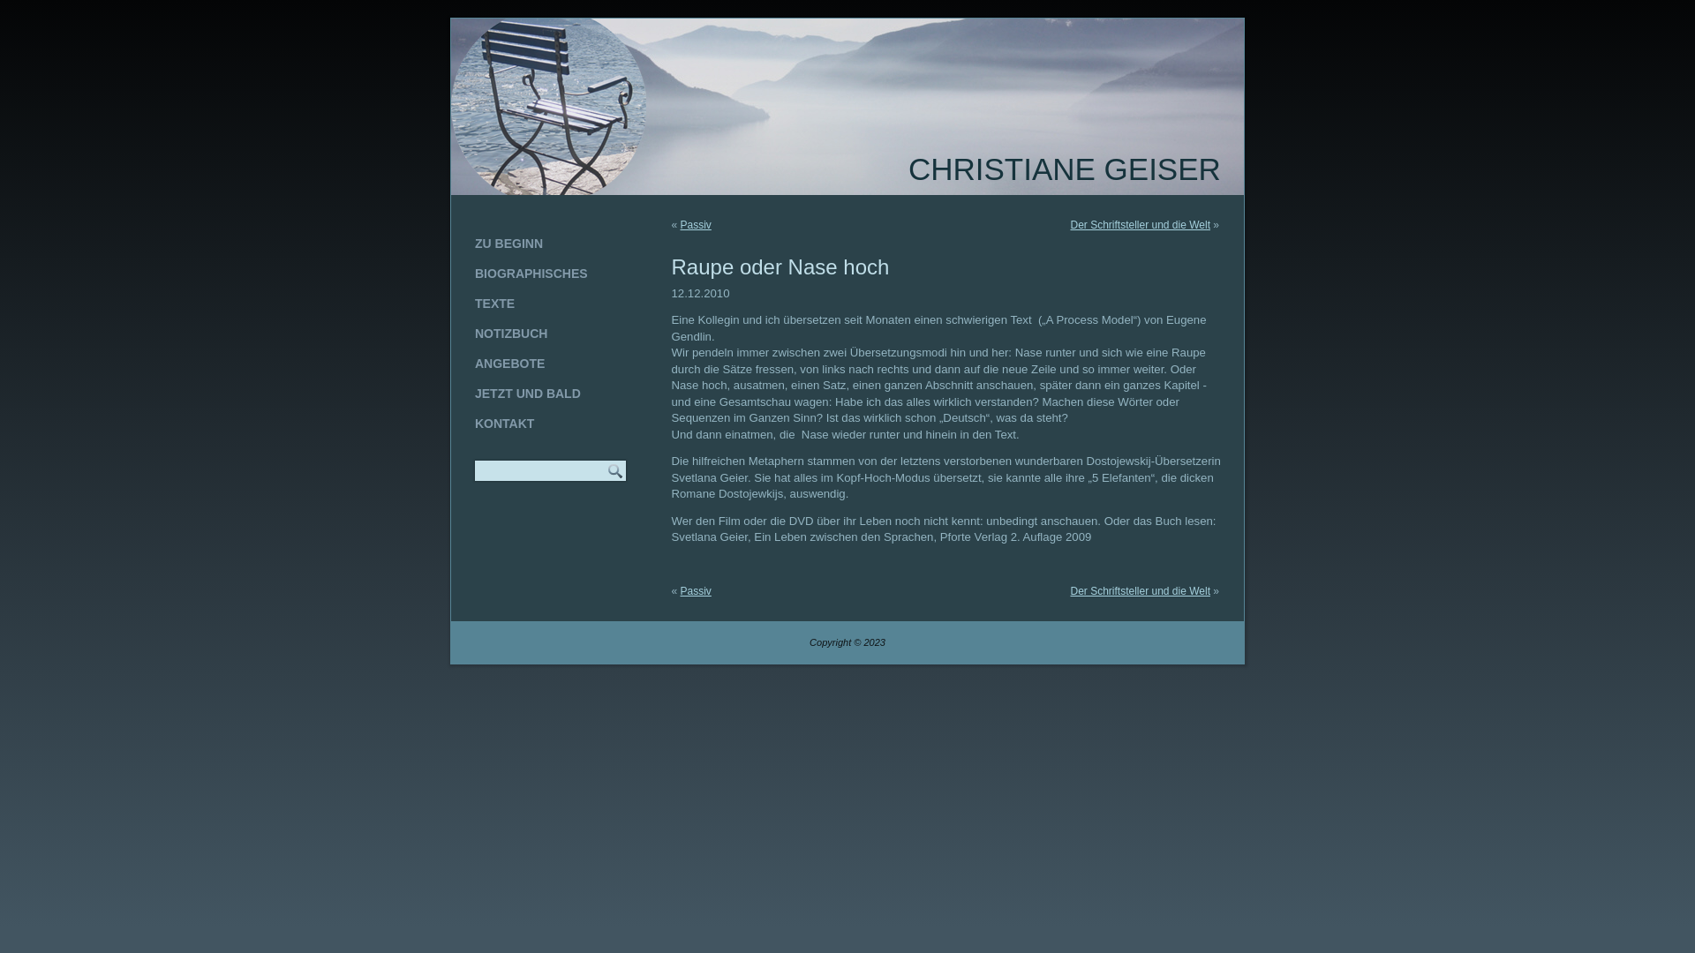 This screenshot has height=953, width=1695. What do you see at coordinates (549, 273) in the screenshot?
I see `'BIOGRAPHISCHES'` at bounding box center [549, 273].